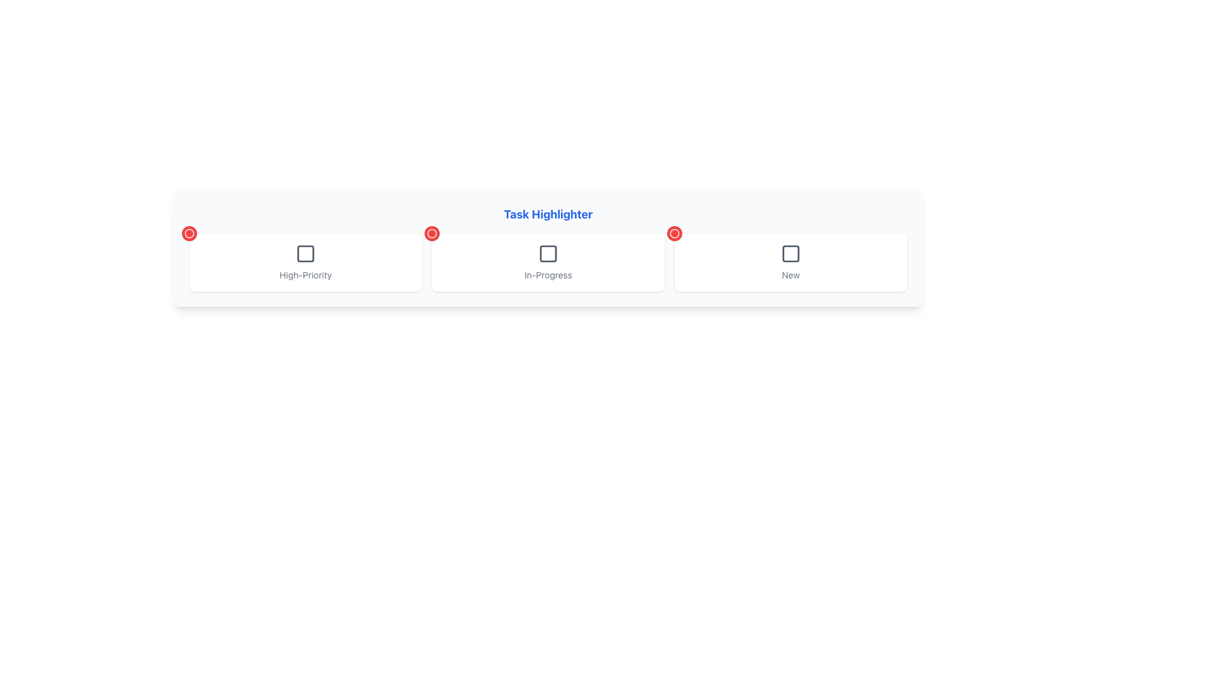 This screenshot has width=1213, height=682. What do you see at coordinates (188, 234) in the screenshot?
I see `the distinct red circular button located in the top-left corner of the 'High-Priority' panel` at bounding box center [188, 234].